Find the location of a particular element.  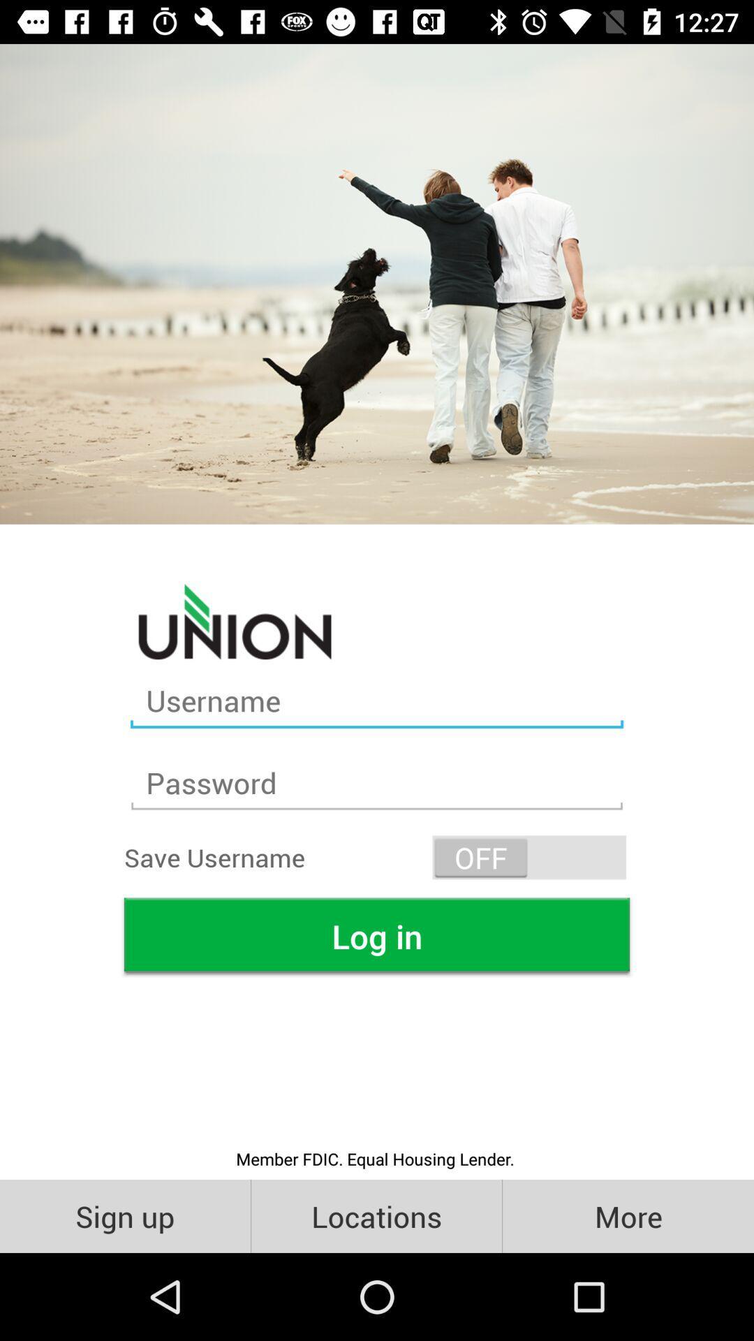

the text locations below is located at coordinates (376, 1215).